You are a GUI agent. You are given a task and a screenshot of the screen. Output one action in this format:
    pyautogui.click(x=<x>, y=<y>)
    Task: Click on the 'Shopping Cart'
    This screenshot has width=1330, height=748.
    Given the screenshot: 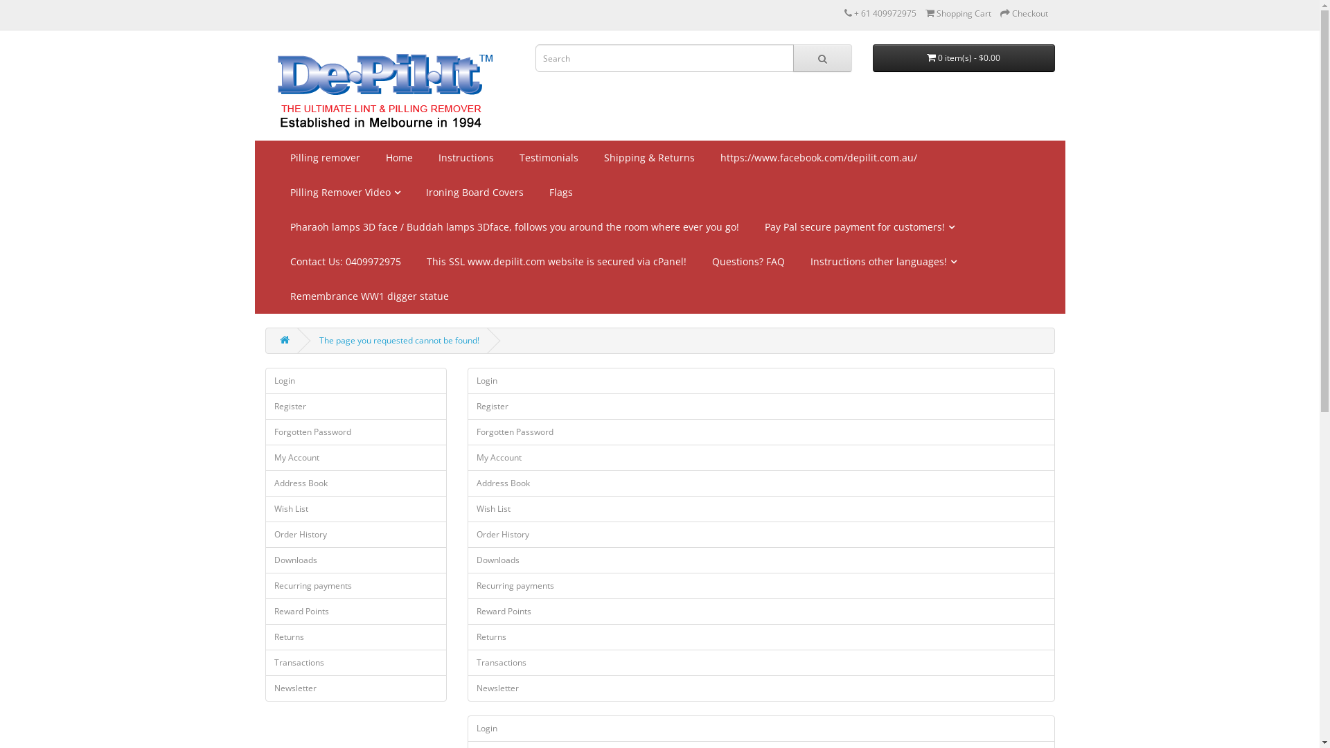 What is the action you would take?
    pyautogui.click(x=925, y=13)
    